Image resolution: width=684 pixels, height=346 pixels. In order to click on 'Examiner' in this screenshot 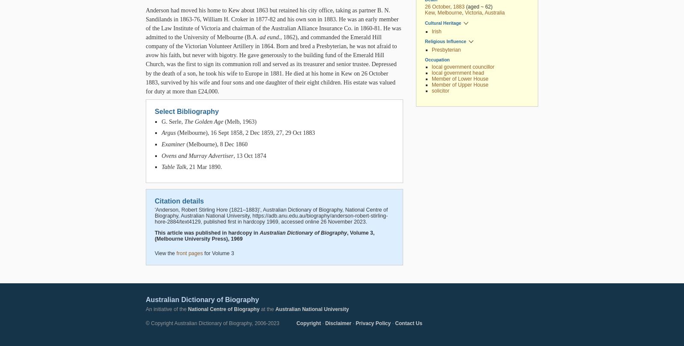, I will do `click(172, 144)`.